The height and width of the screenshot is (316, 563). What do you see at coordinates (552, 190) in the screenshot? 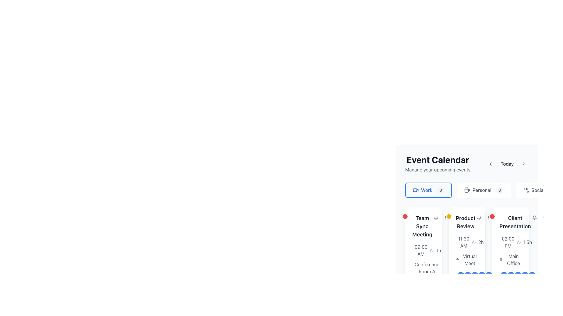
I see `the Counter Badge element positioned to the right of the 'Social' button in the navigation bar, indicating the count of new items` at bounding box center [552, 190].